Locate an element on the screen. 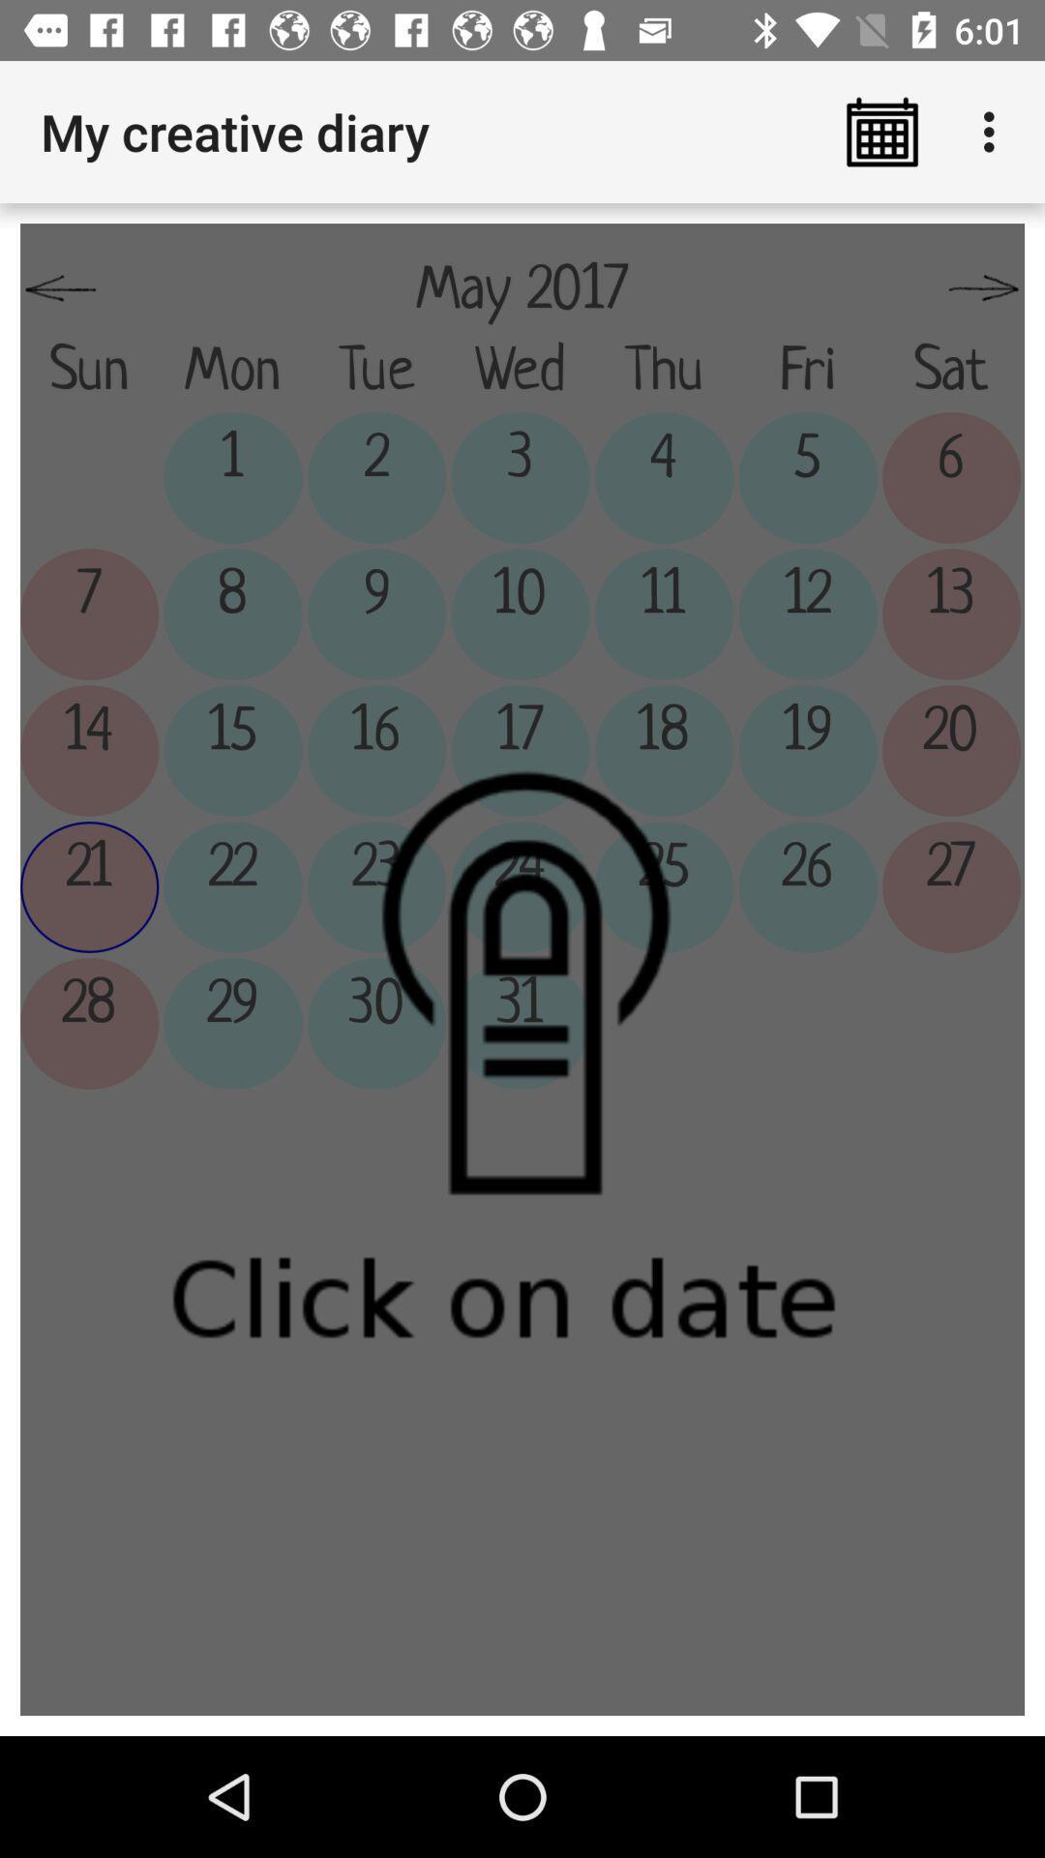 Image resolution: width=1045 pixels, height=1858 pixels. the icon next to the may 2017 is located at coordinates (59, 288).